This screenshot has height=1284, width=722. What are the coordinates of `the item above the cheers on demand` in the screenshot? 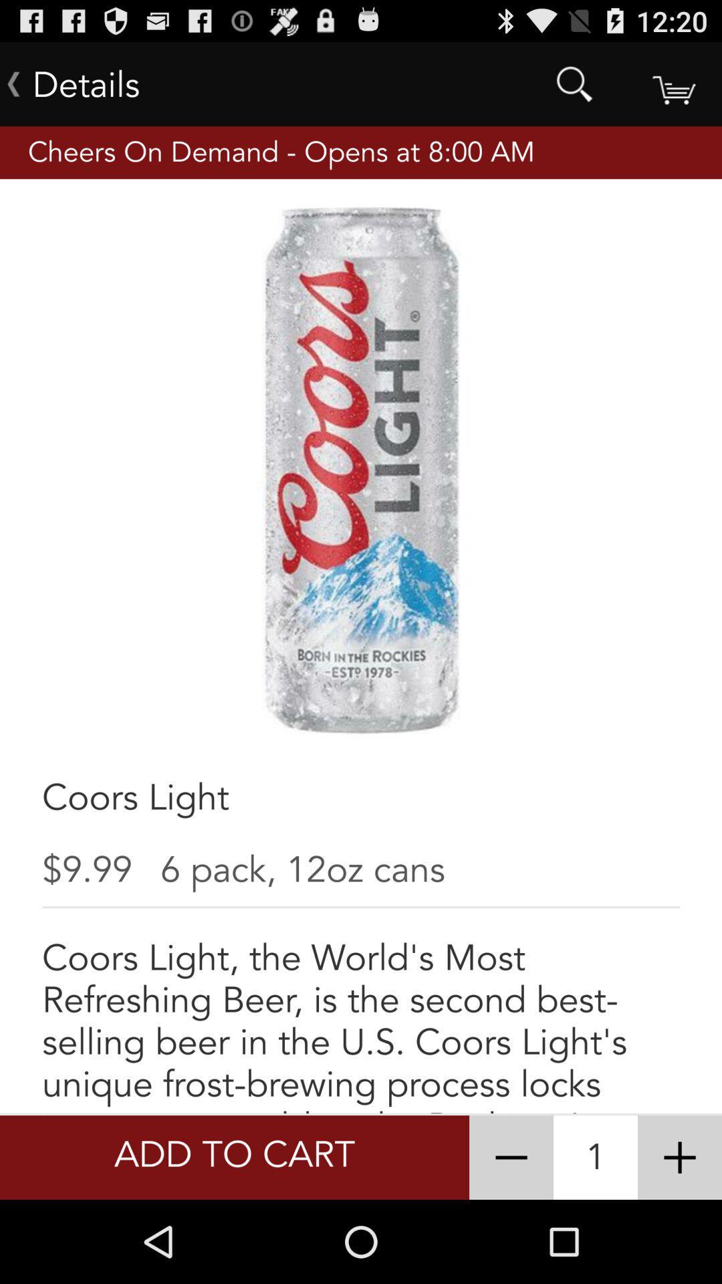 It's located at (574, 83).